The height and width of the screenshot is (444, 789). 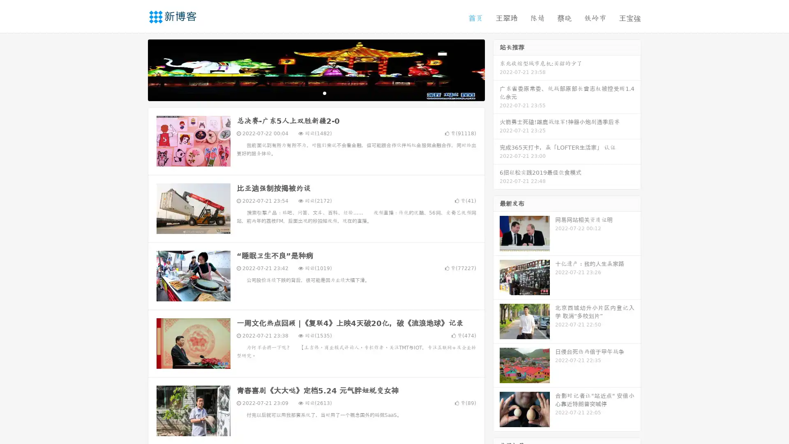 I want to click on Previous slide, so click(x=136, y=69).